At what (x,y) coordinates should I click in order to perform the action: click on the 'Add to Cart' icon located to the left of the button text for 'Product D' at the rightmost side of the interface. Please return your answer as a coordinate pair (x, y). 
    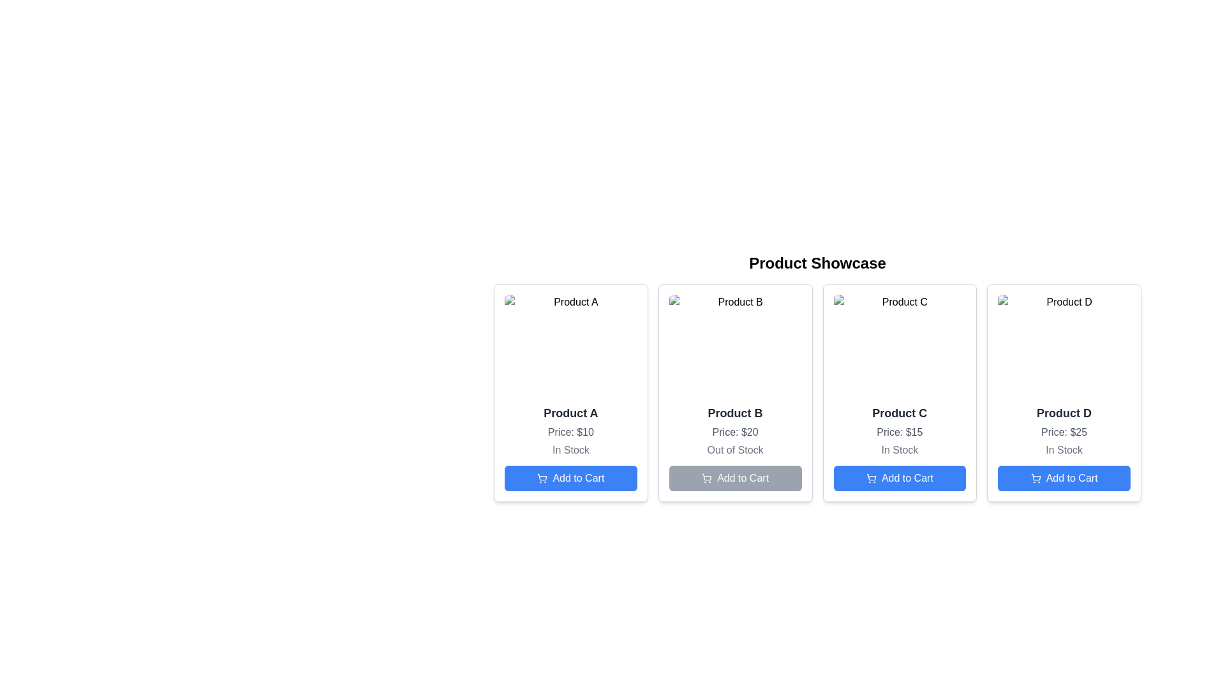
    Looking at the image, I should click on (1036, 478).